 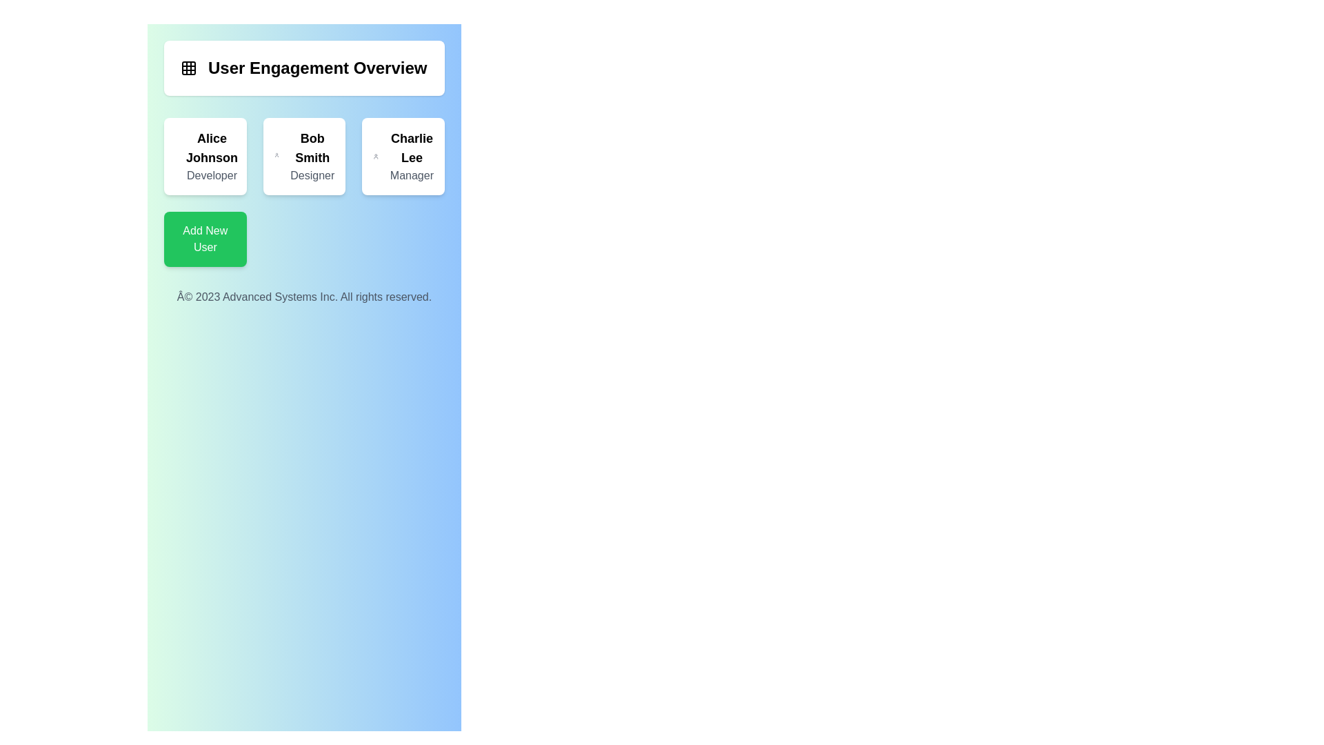 I want to click on text label 'Charlie Lee' which is bold and larger in font size, located in the top-right card of three horizontal cards under the 'User Engagement Overview' section, so click(x=411, y=148).